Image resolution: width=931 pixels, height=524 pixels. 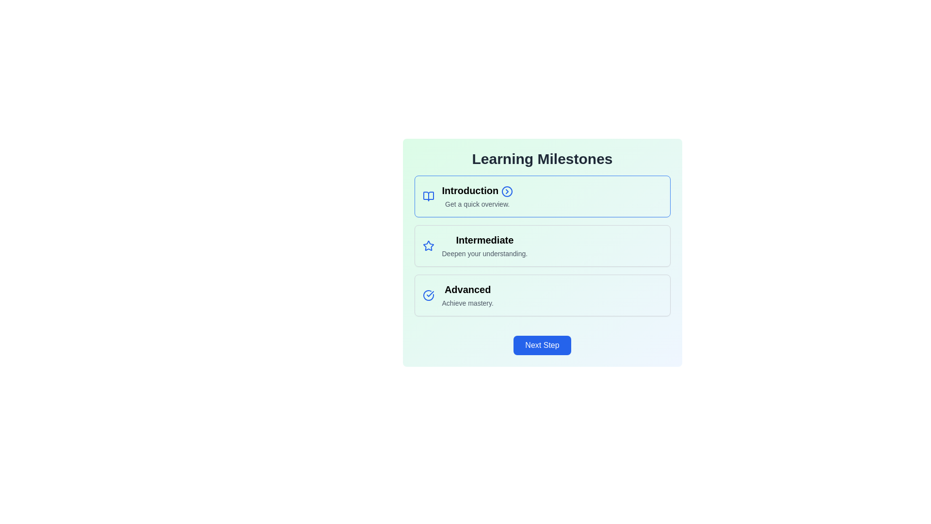 I want to click on the SVG icon indicating the completion or current selection of the 'Introduction' milestone, located next to the 'Introduction' section header, so click(x=430, y=293).